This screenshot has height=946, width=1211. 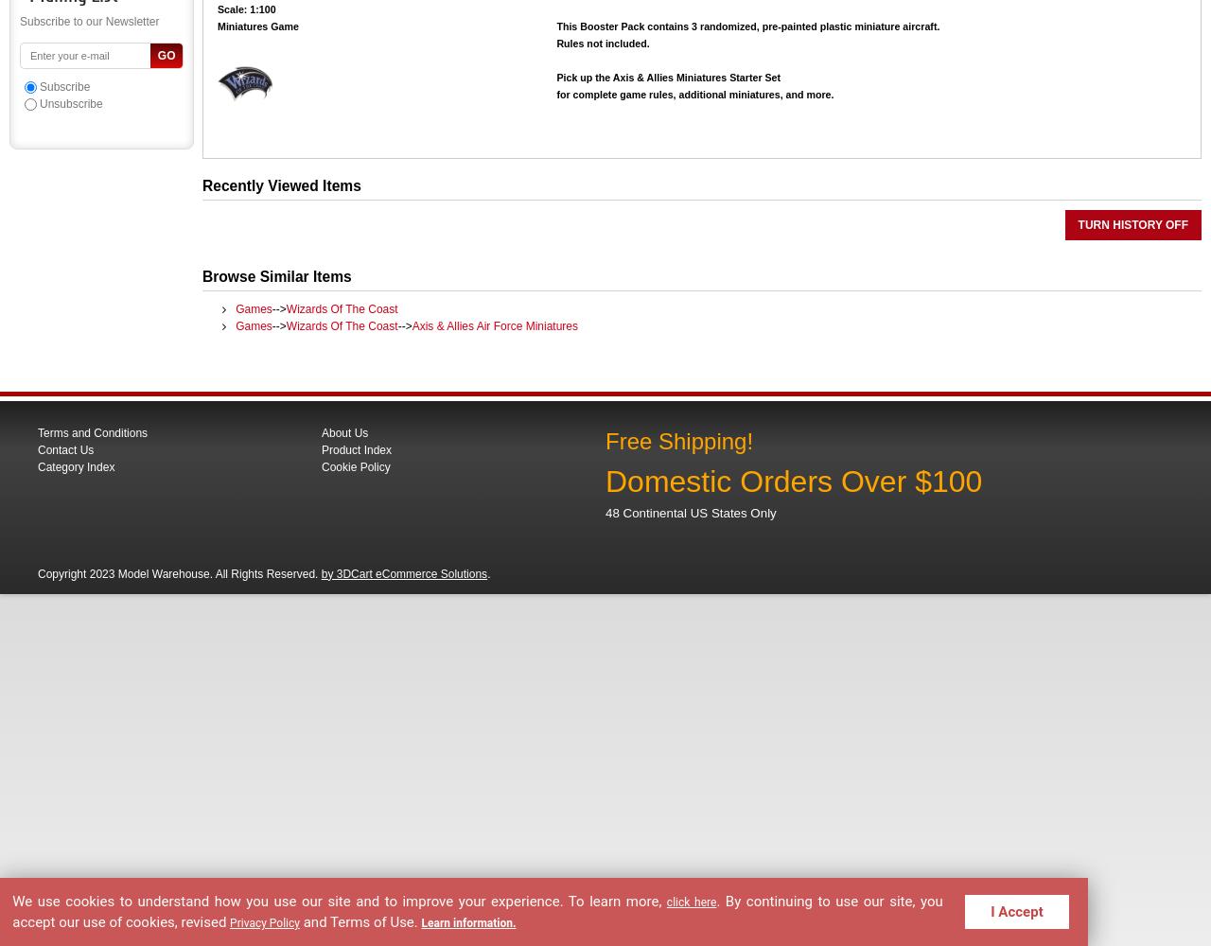 What do you see at coordinates (361, 920) in the screenshot?
I see `'and Terms of Use.'` at bounding box center [361, 920].